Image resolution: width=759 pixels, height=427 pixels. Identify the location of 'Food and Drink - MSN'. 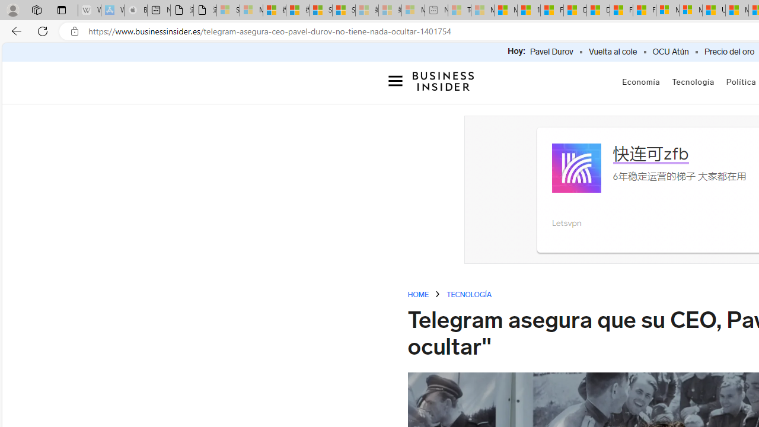
(551, 10).